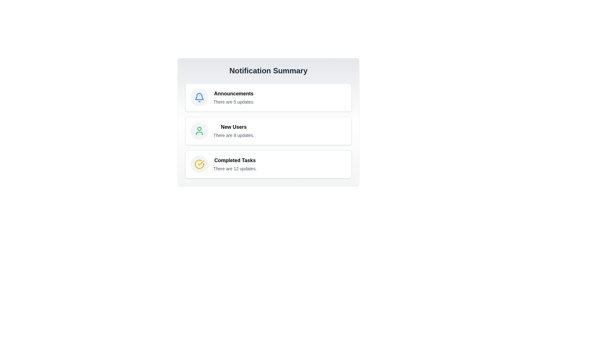 The height and width of the screenshot is (340, 605). I want to click on the 'New Users' notification card which displays a title in bold and an update notification below it, so click(268, 131).